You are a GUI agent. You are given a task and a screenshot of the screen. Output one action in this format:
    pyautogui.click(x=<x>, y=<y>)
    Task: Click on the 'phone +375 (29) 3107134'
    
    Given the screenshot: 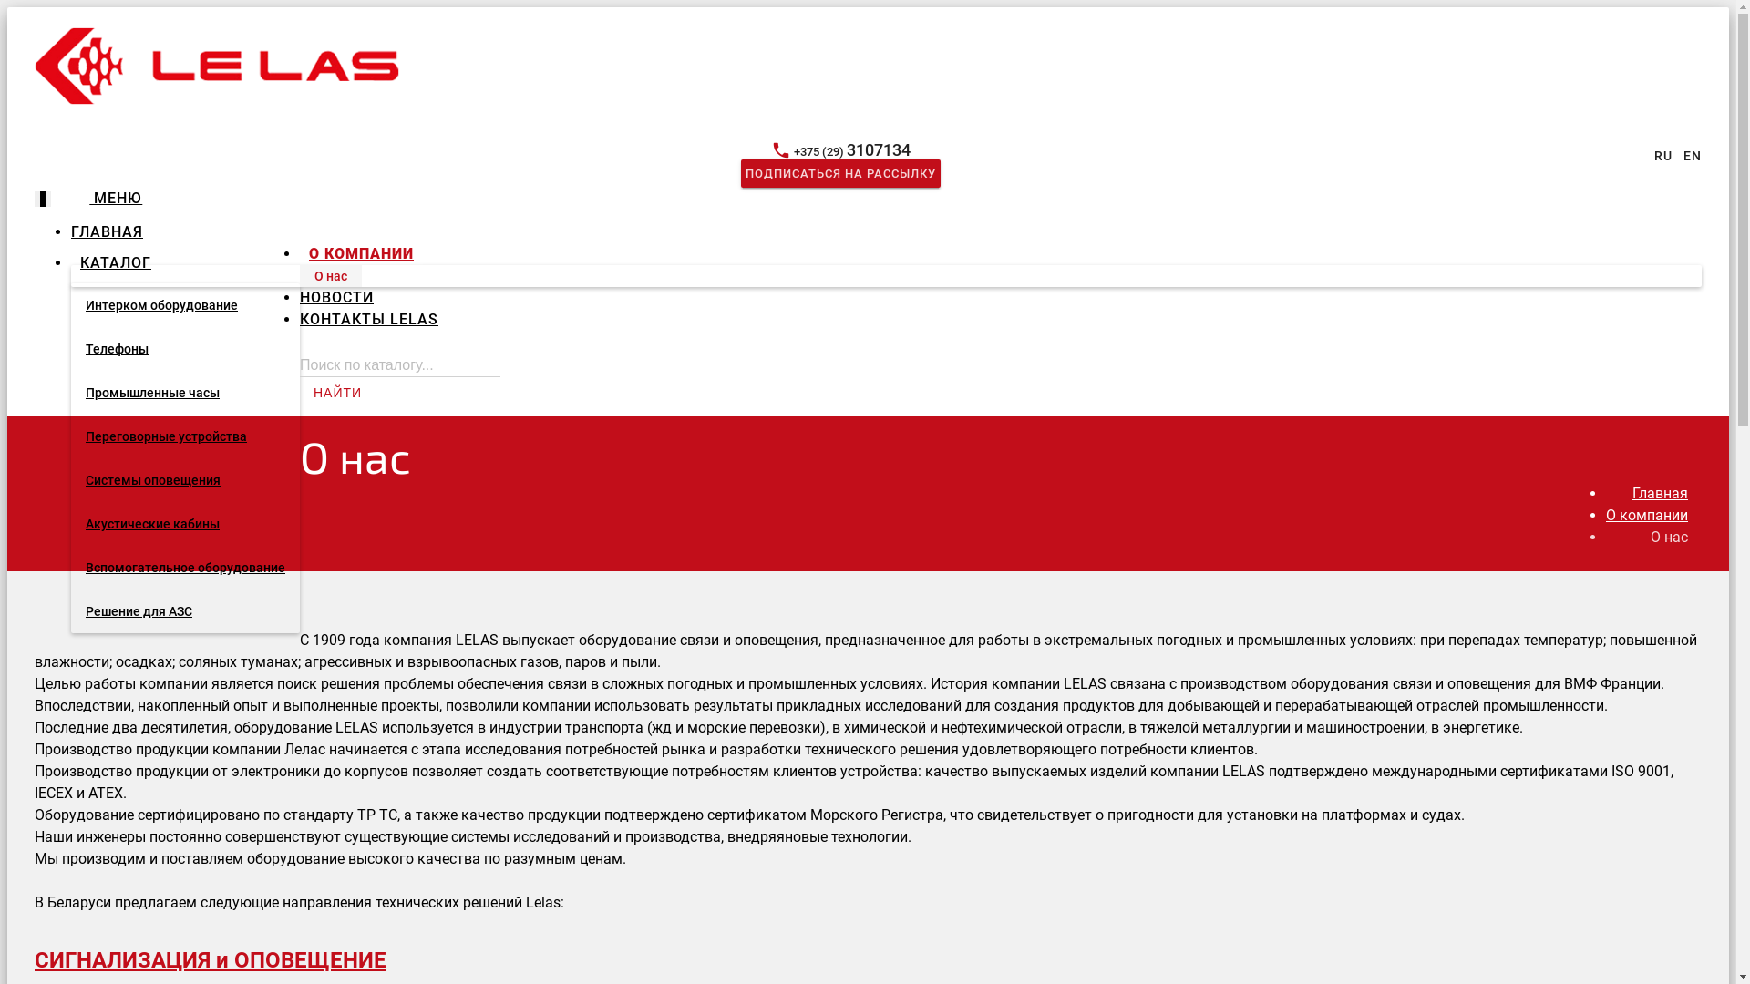 What is the action you would take?
    pyautogui.click(x=839, y=150)
    